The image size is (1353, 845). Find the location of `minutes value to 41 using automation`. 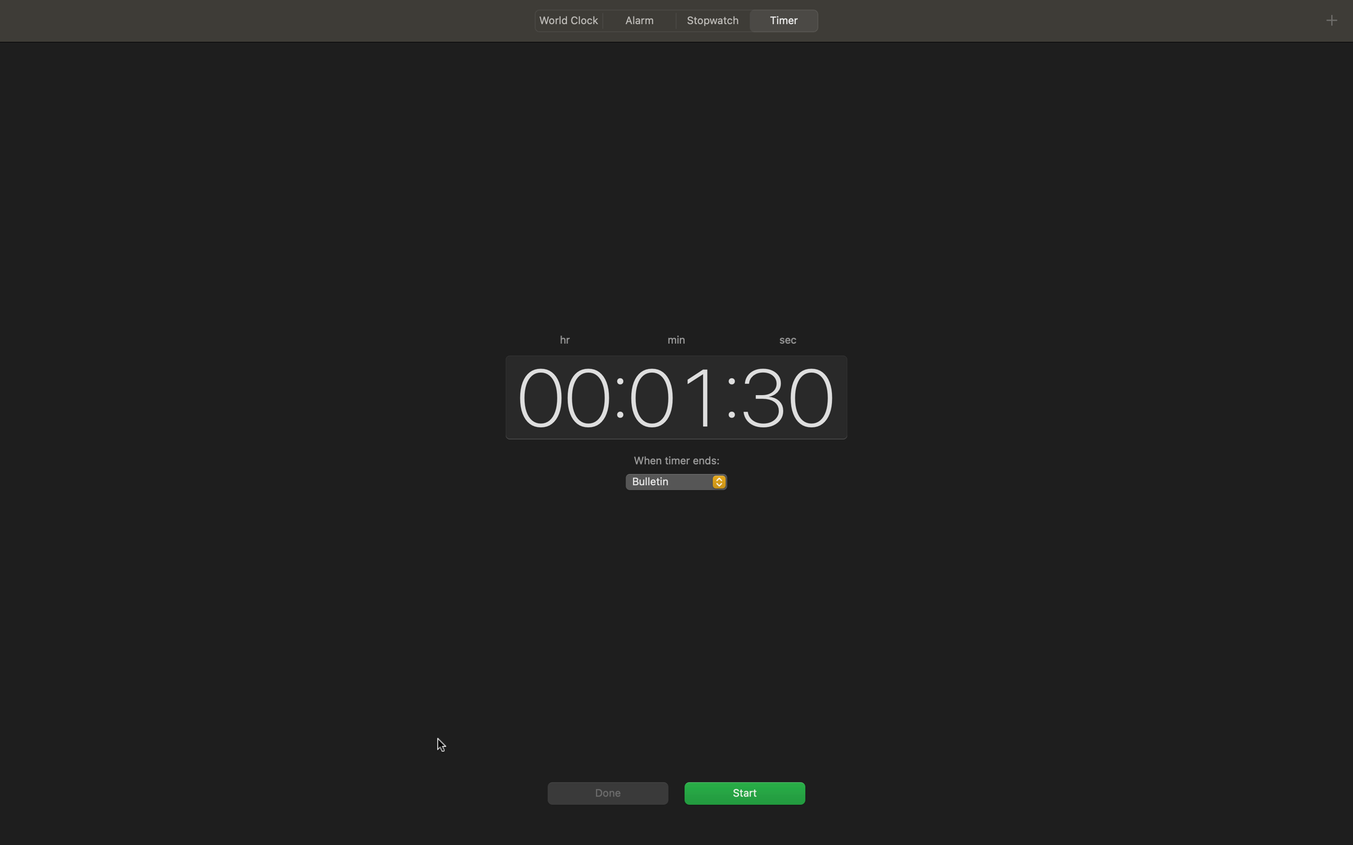

minutes value to 41 using automation is located at coordinates (671, 396).